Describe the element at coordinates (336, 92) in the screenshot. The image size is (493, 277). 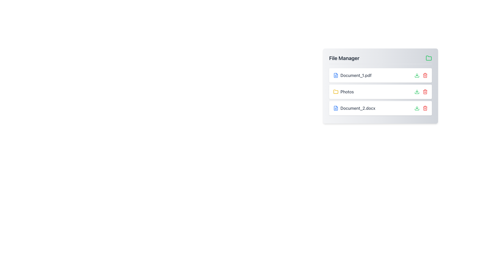
I see `the folder icon representing the 'Photos' label in the 'File Manager' section, located in the second row of the vertical list` at that location.